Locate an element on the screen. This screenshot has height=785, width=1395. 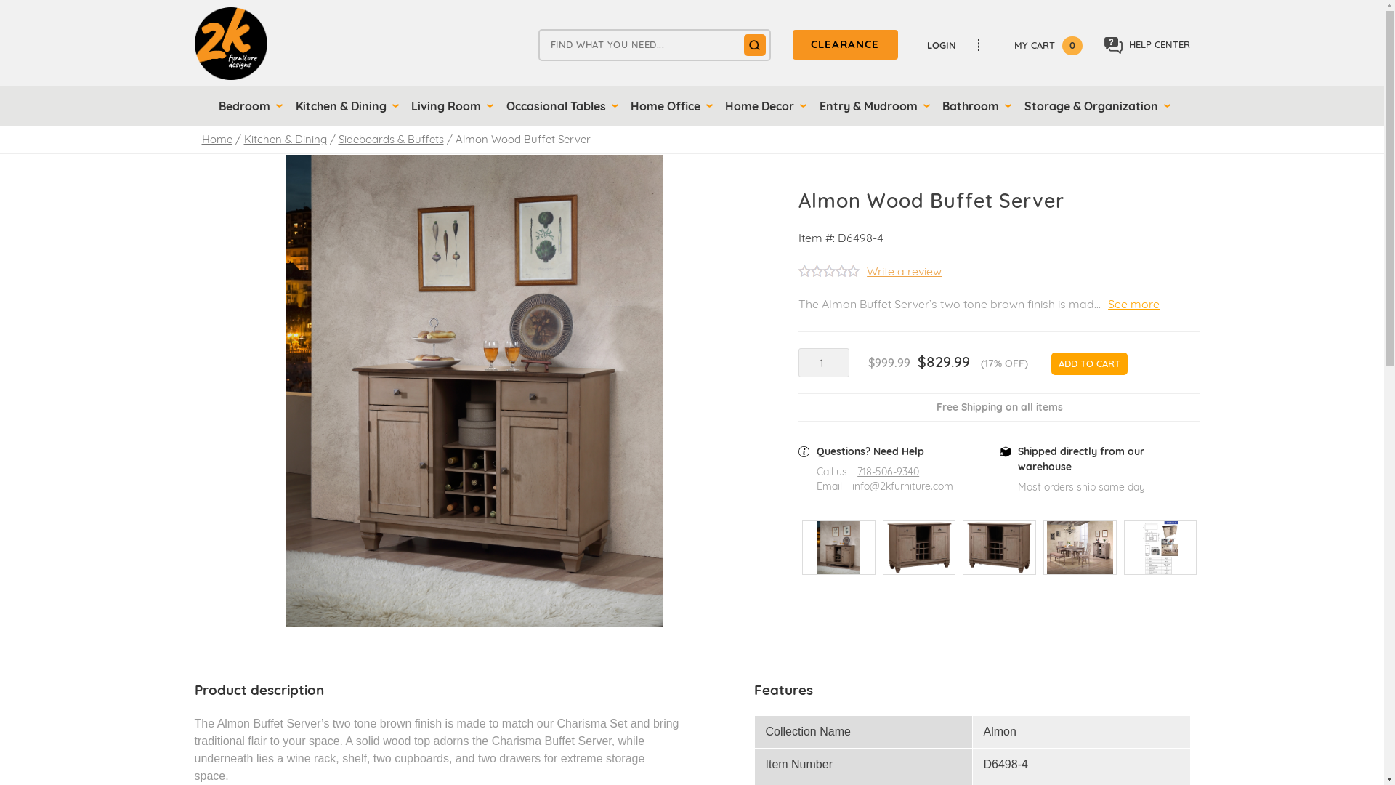
'Kitchen & Dining' is located at coordinates (344, 105).